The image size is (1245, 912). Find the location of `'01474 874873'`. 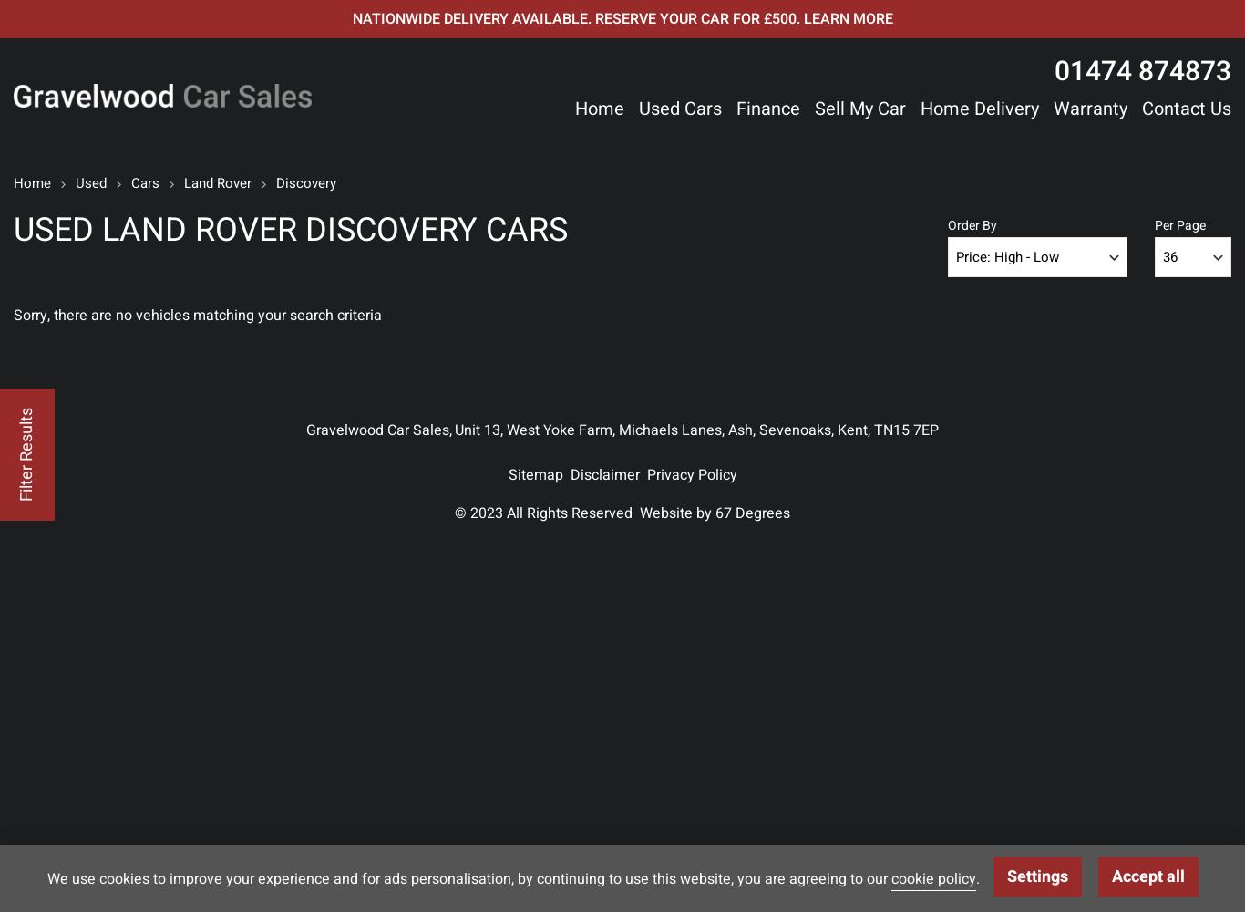

'01474 874873' is located at coordinates (1141, 71).